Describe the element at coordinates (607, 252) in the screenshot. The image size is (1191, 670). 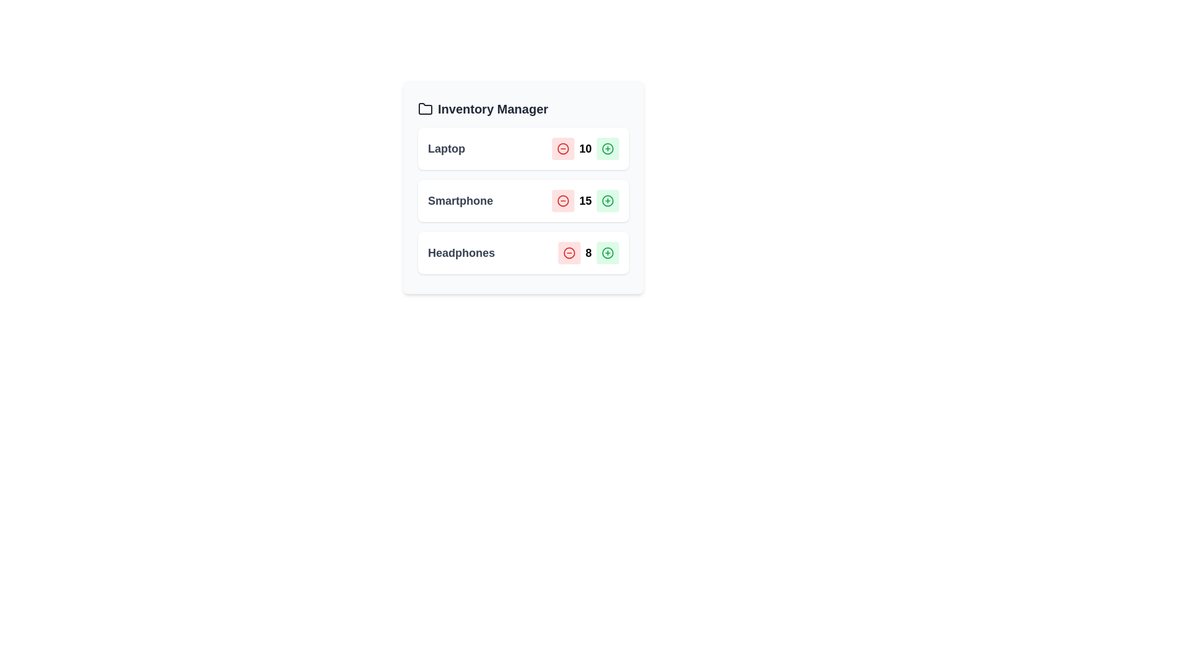
I see `plus button for the Headphones item` at that location.